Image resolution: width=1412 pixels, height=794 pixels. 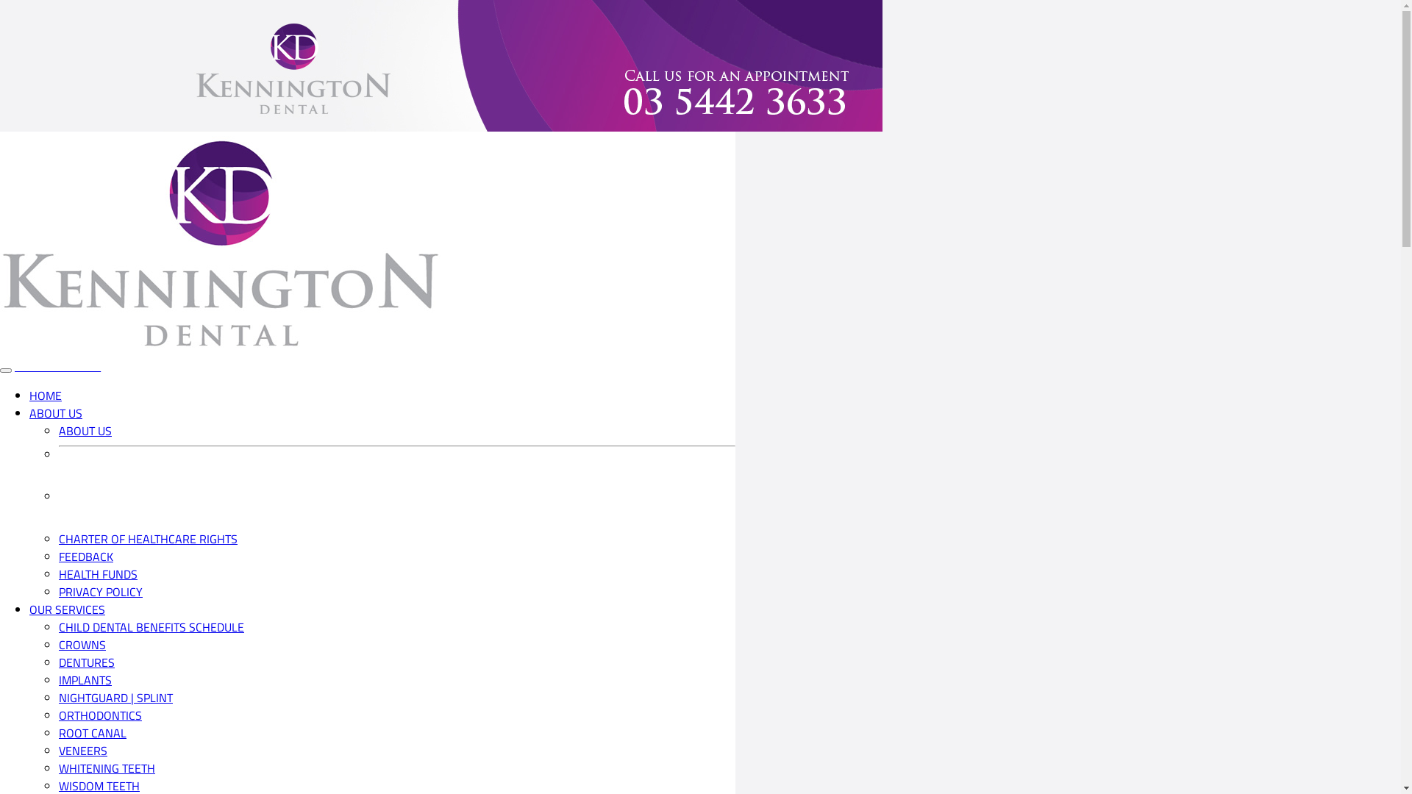 What do you see at coordinates (151, 626) in the screenshot?
I see `'CHILD DENTAL BENEFITS SCHEDULE'` at bounding box center [151, 626].